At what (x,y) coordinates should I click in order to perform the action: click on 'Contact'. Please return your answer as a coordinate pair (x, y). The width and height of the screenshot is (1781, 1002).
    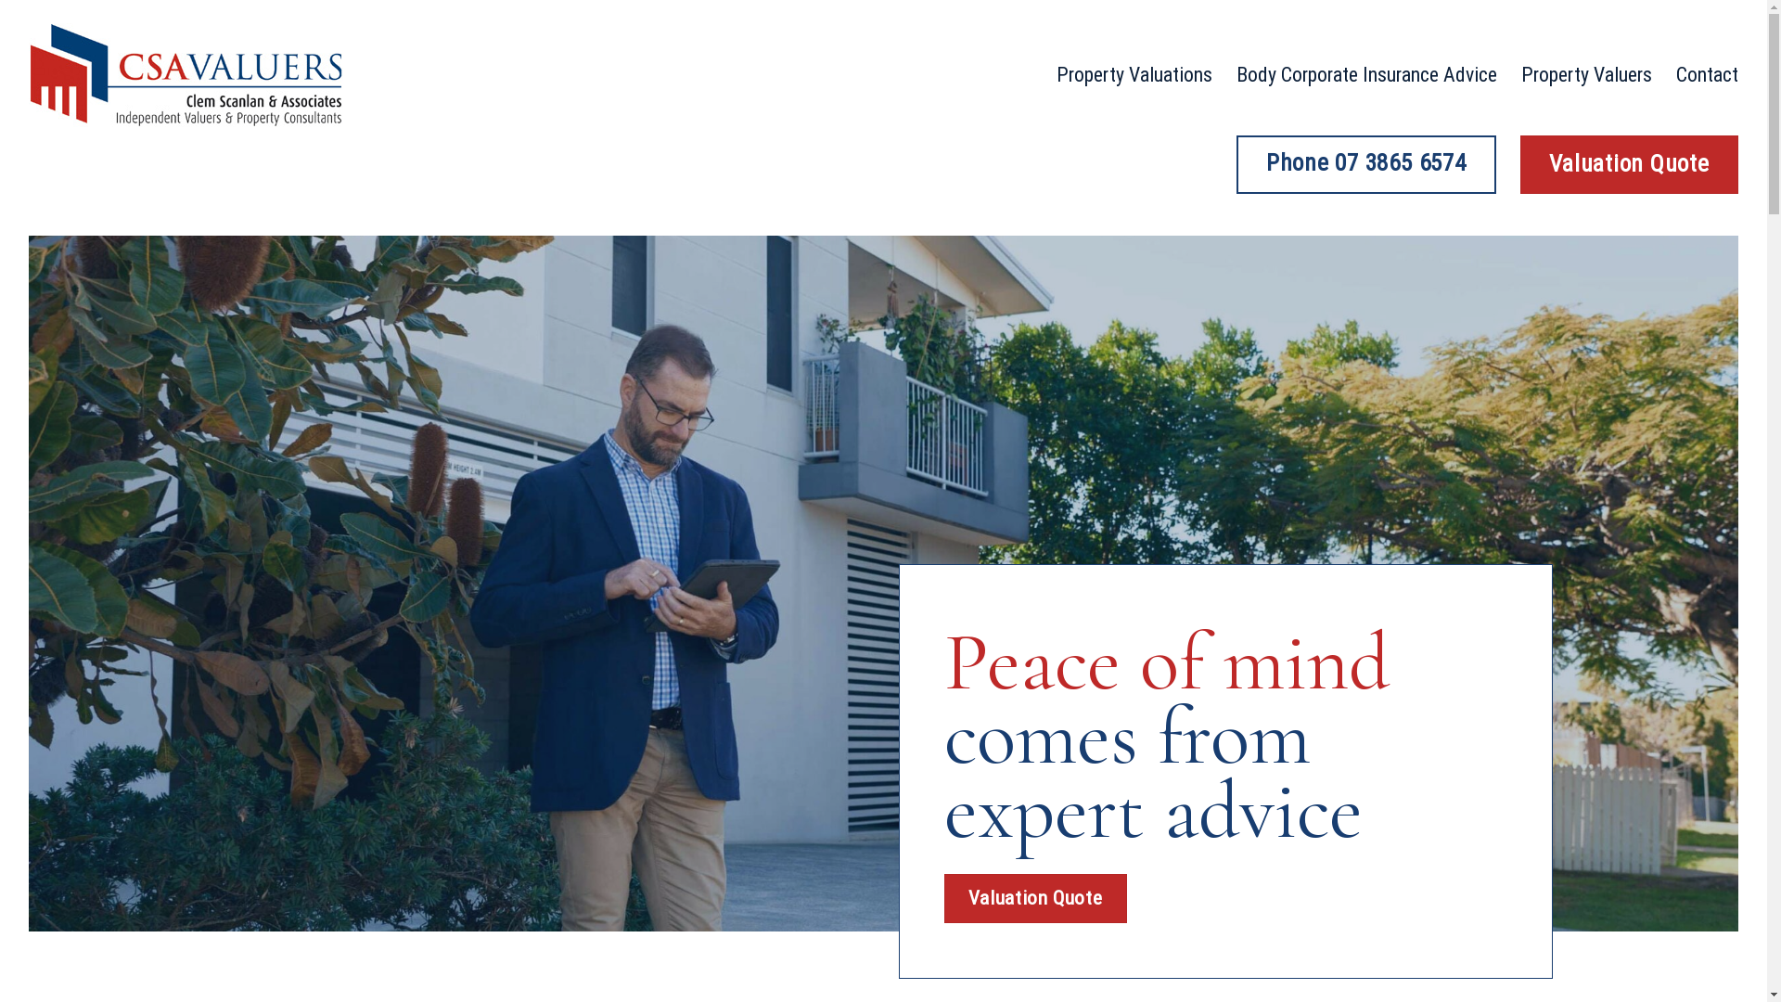
    Looking at the image, I should click on (1675, 74).